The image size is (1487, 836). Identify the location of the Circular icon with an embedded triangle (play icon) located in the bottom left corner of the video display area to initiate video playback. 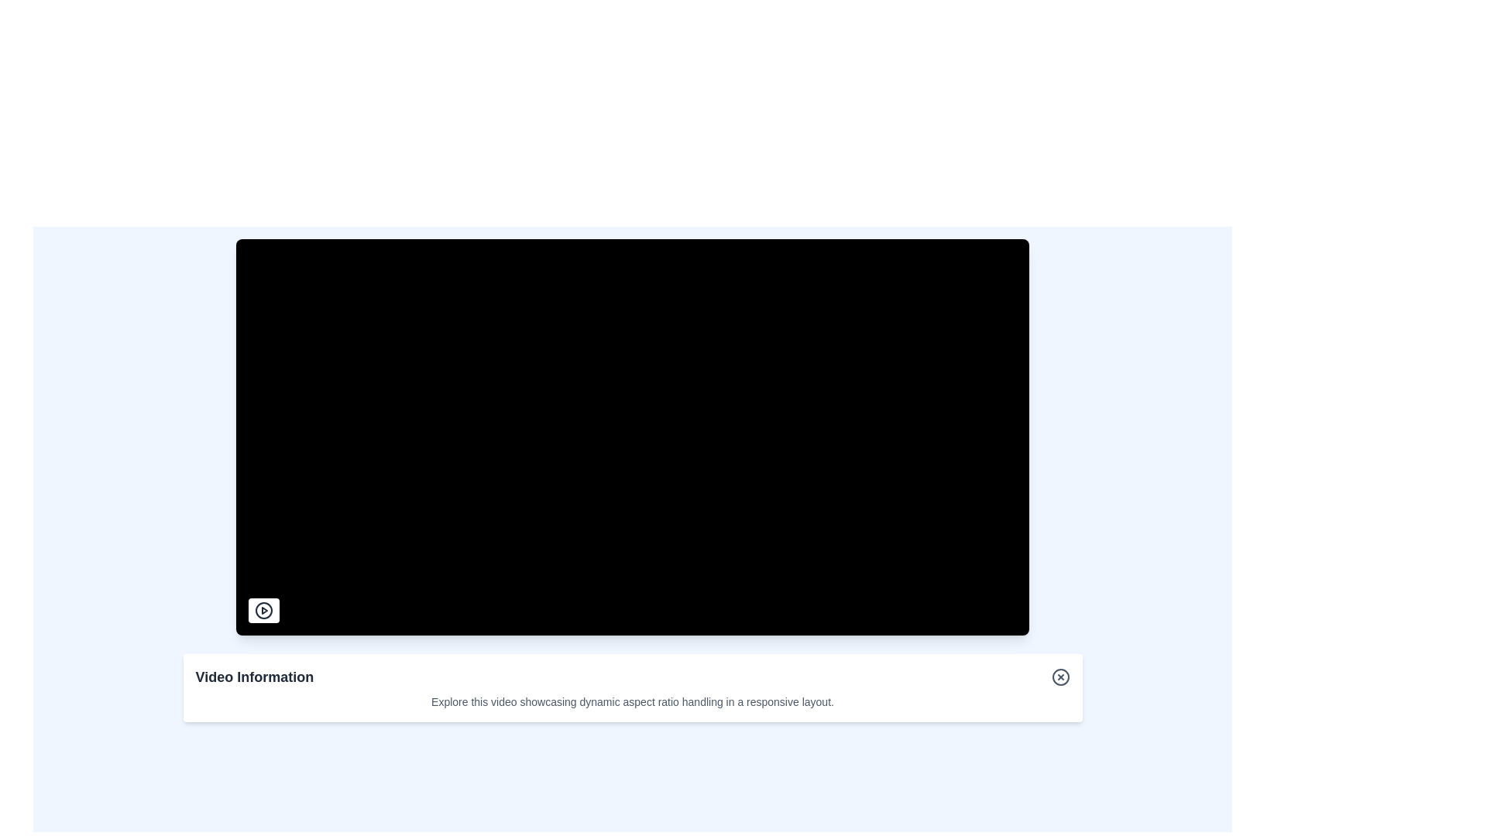
(263, 610).